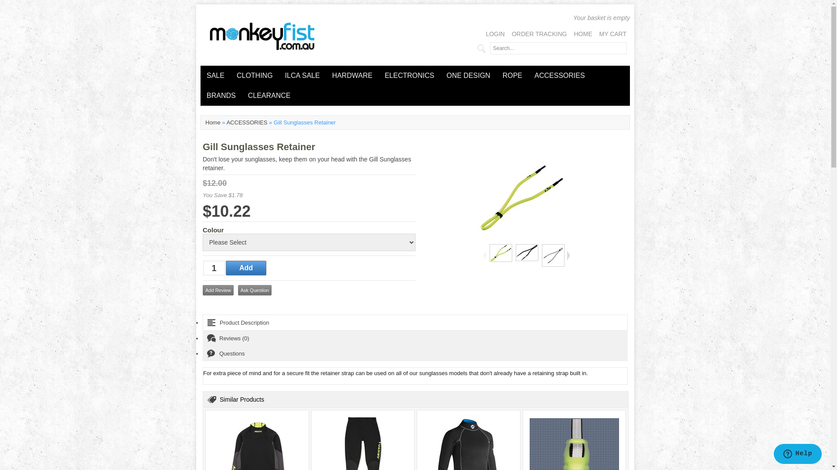 The height and width of the screenshot is (470, 837). I want to click on 'Add', so click(245, 268).